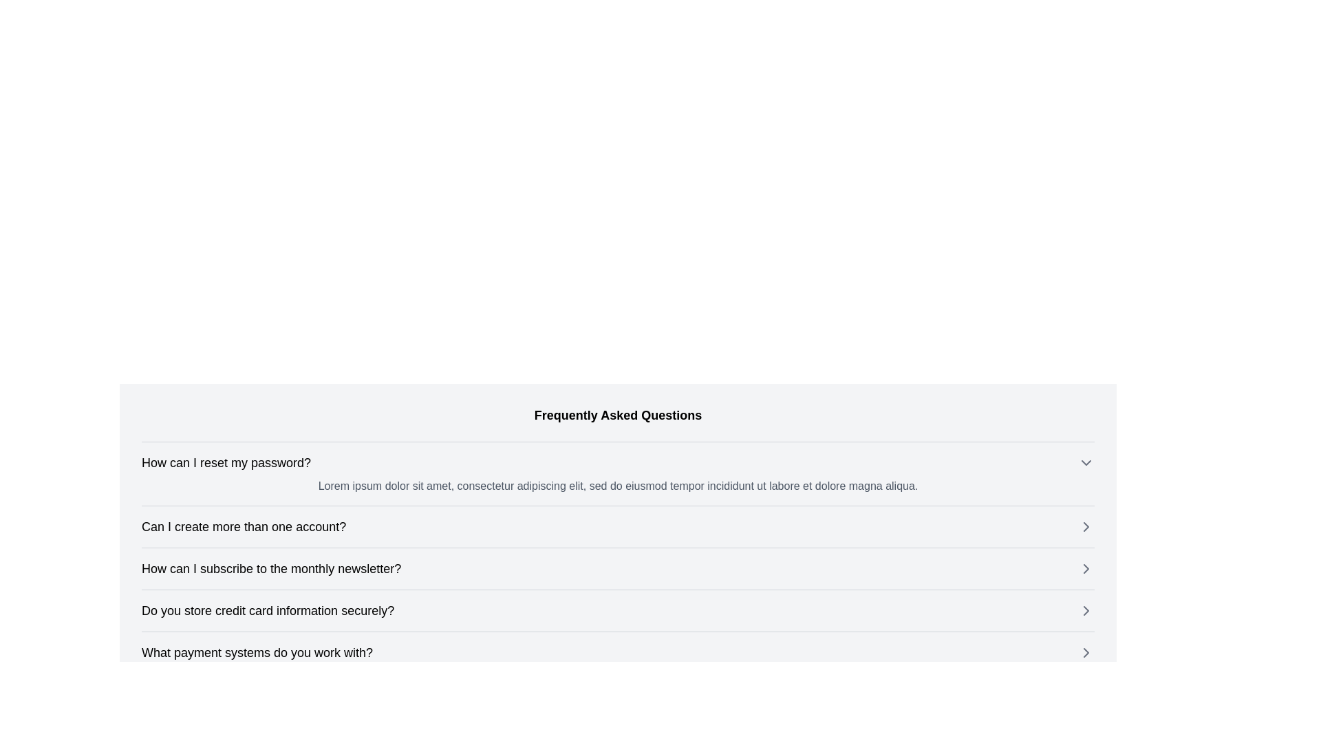 This screenshot has height=743, width=1321. I want to click on the fourth item in the Frequently Asked Questions section, which states 'How can I subscribe to the monthly newsletter?', so click(617, 568).